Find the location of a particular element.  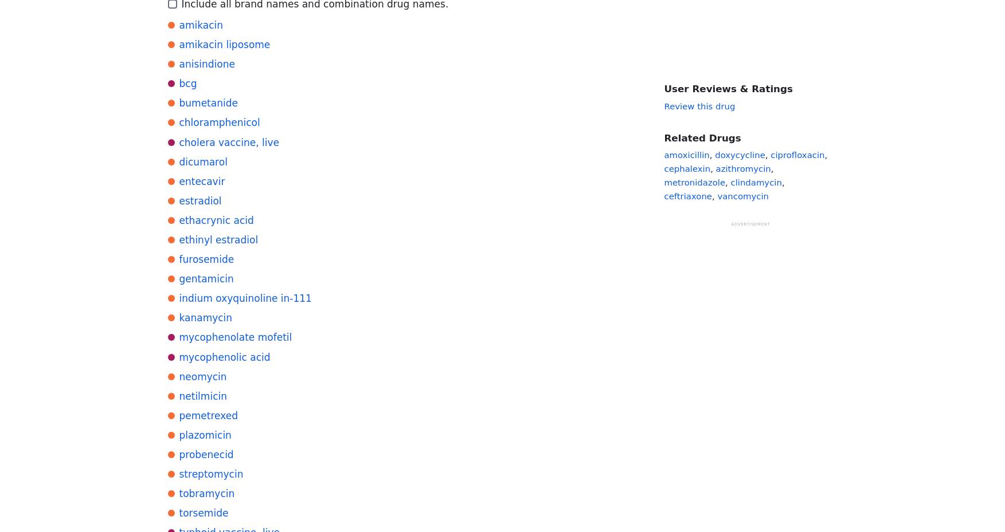

'ceftriaxone' is located at coordinates (687, 195).